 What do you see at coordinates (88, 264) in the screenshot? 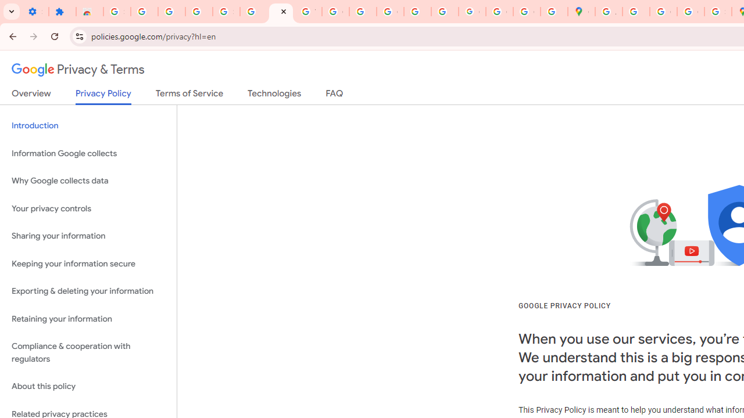
I see `'Keeping your information secure'` at bounding box center [88, 264].